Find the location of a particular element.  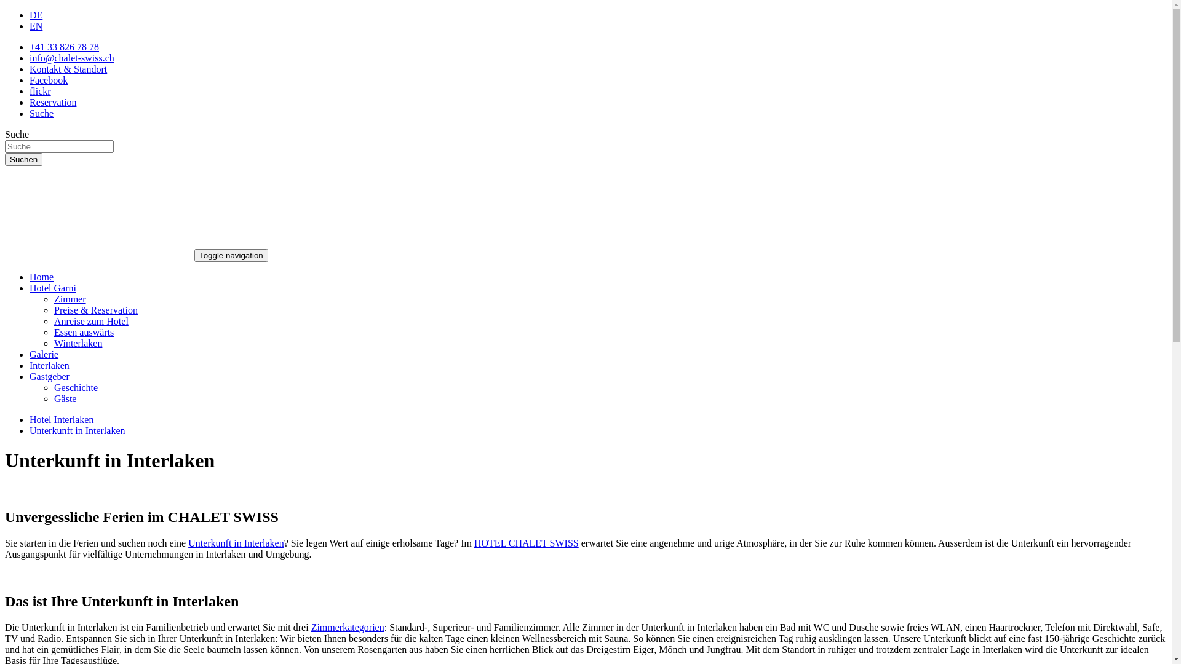

'Hotel Garni' is located at coordinates (52, 288).